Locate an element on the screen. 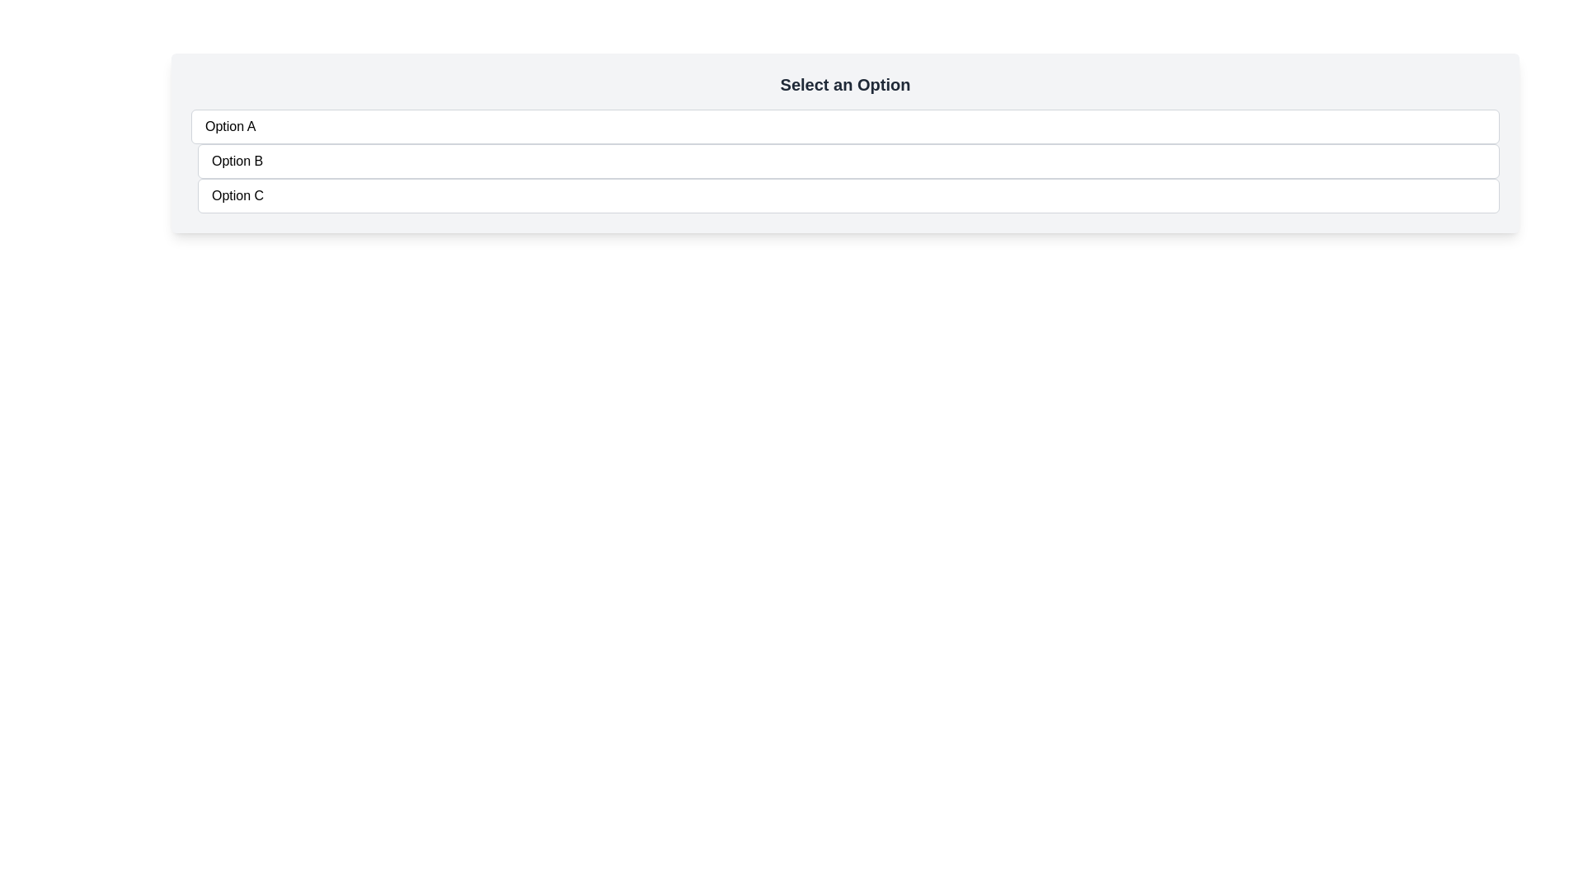 The height and width of the screenshot is (890, 1583). the third selectable option in the list is located at coordinates (848, 195).